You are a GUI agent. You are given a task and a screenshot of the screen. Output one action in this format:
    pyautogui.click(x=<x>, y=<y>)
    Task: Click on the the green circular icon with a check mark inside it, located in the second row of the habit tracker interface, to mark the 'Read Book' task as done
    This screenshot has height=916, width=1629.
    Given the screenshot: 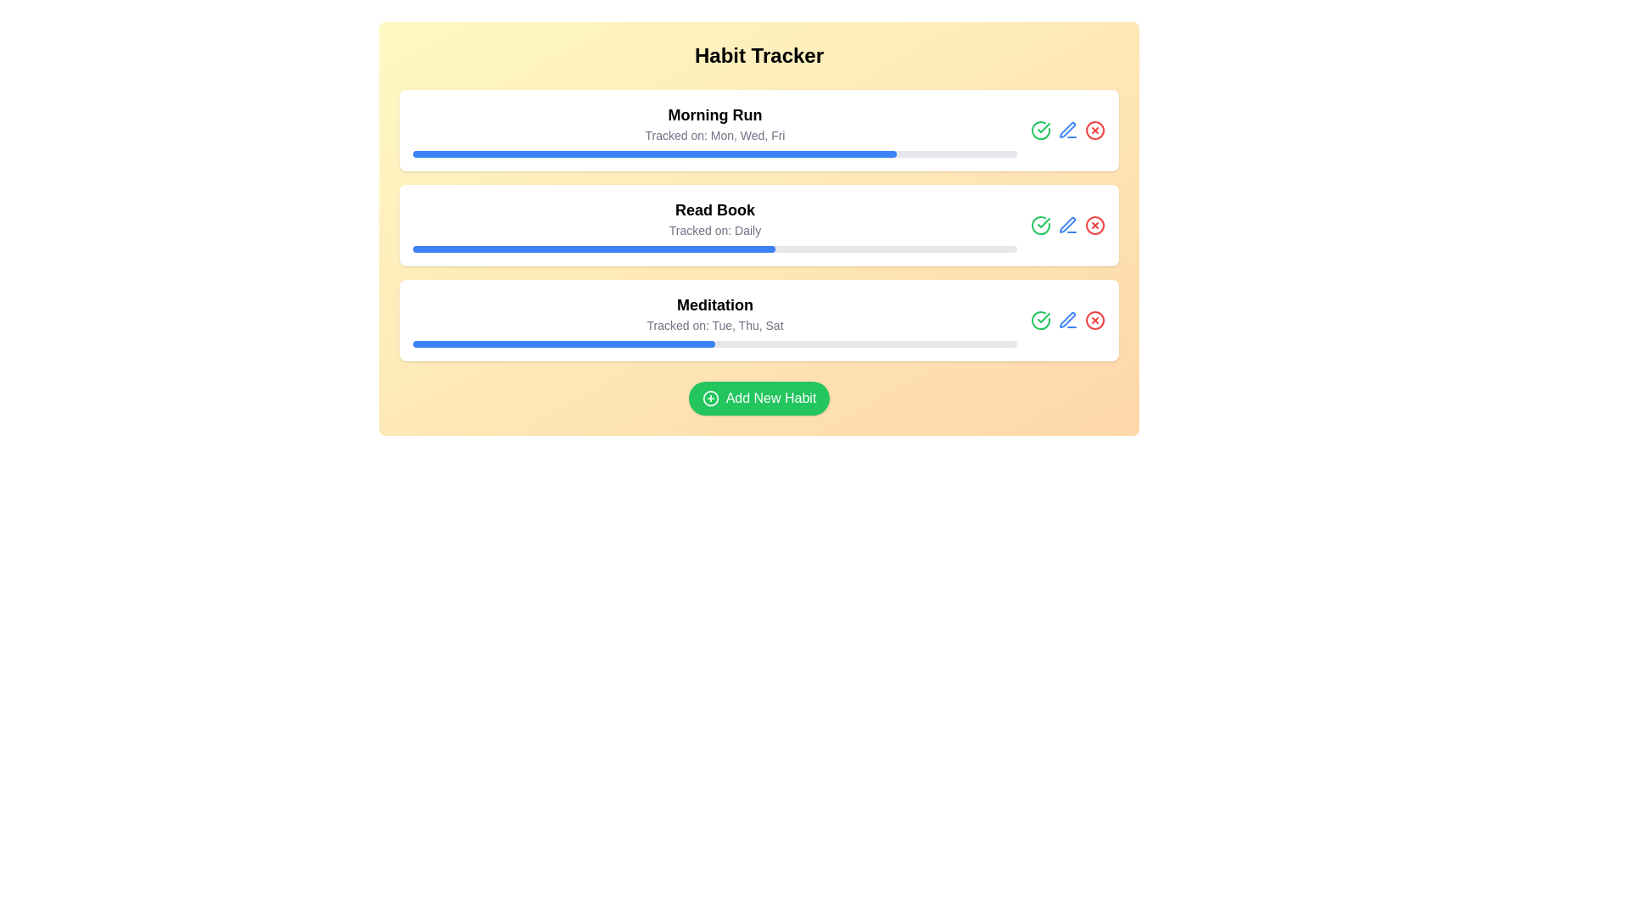 What is the action you would take?
    pyautogui.click(x=1040, y=130)
    